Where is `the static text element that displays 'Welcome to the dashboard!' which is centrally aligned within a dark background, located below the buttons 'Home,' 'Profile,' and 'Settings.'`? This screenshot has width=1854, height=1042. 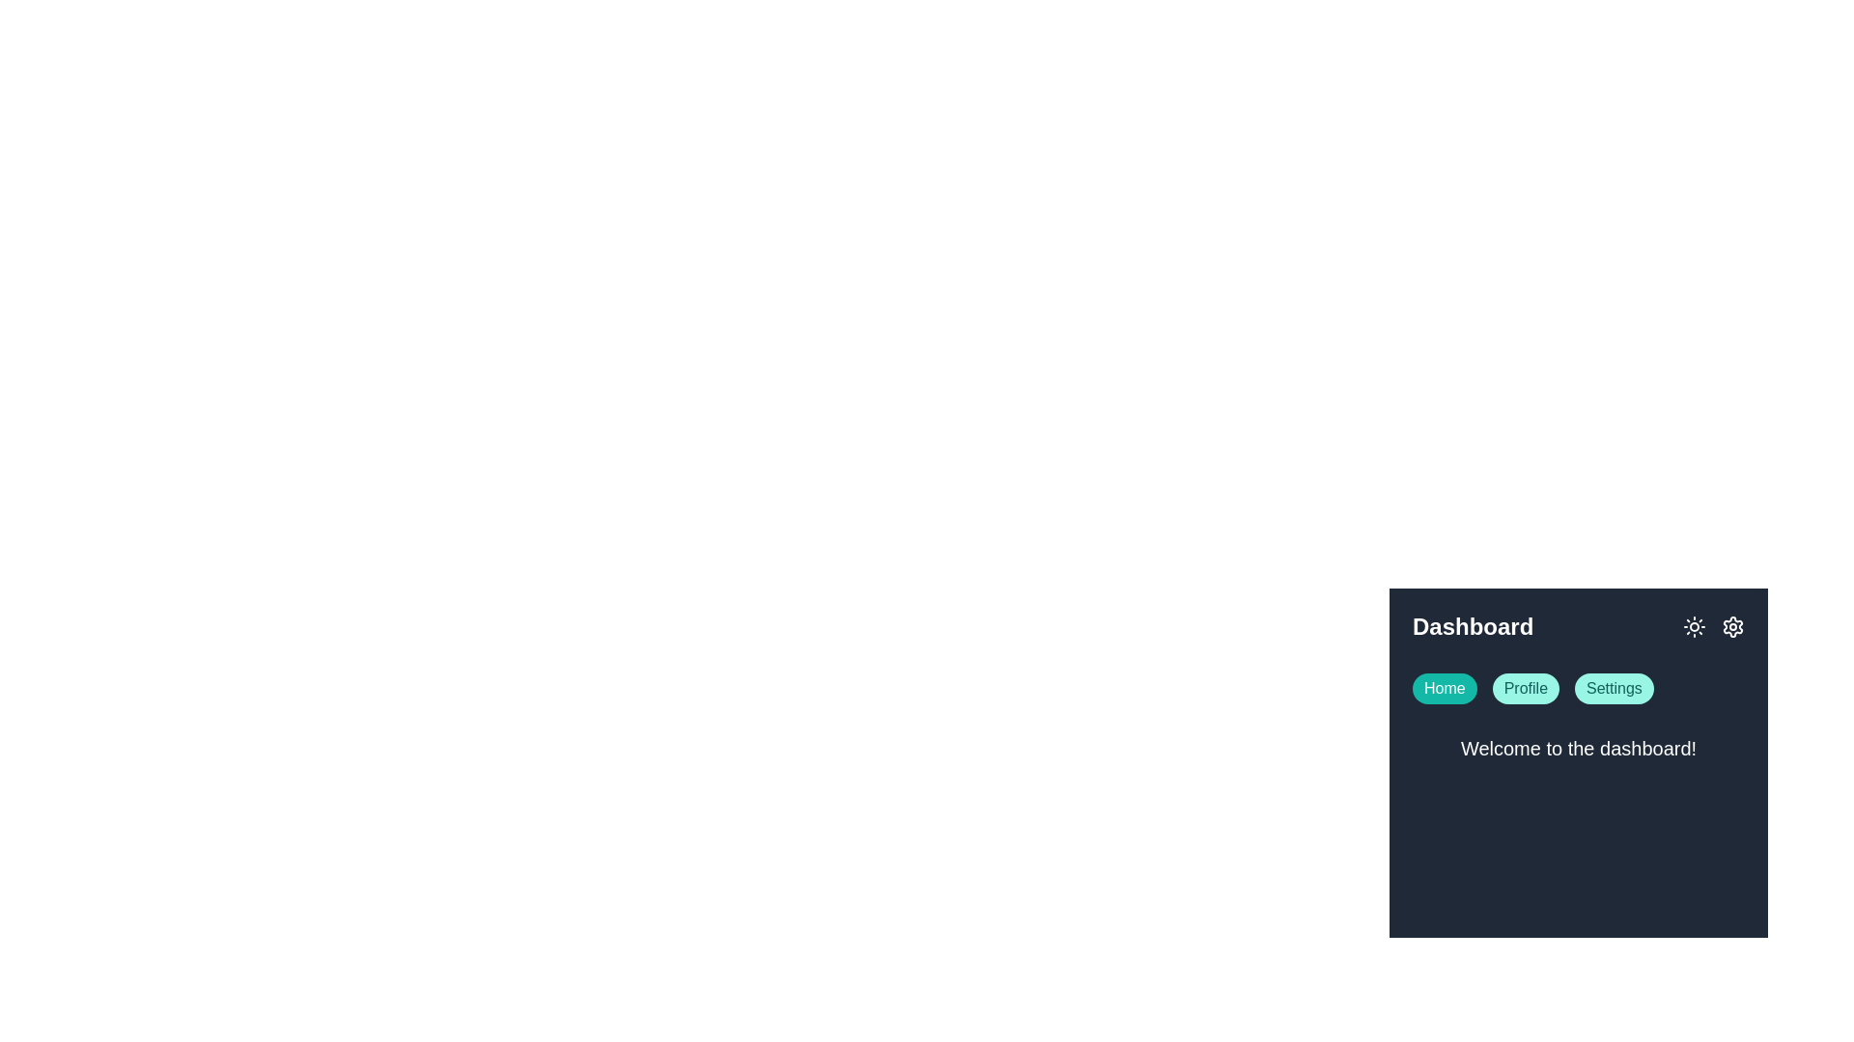 the static text element that displays 'Welcome to the dashboard!' which is centrally aligned within a dark background, located below the buttons 'Home,' 'Profile,' and 'Settings.' is located at coordinates (1579, 747).